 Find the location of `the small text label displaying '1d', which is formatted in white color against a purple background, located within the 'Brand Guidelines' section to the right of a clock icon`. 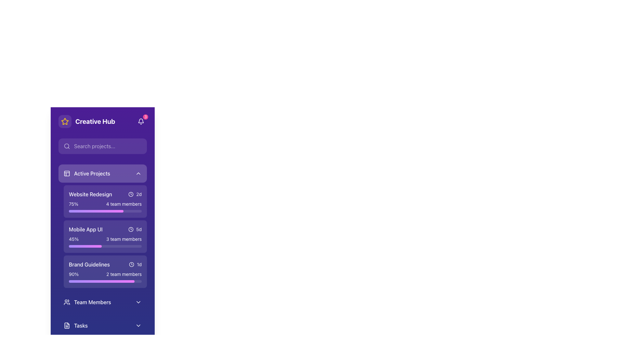

the small text label displaying '1d', which is formatted in white color against a purple background, located within the 'Brand Guidelines' section to the right of a clock icon is located at coordinates (139, 264).